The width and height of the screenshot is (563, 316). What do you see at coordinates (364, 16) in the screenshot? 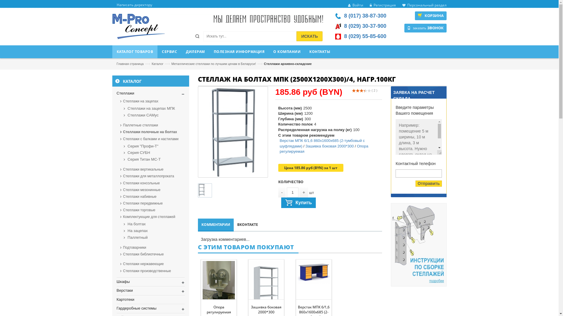
I see `'8 (017) 38-87-300'` at bounding box center [364, 16].